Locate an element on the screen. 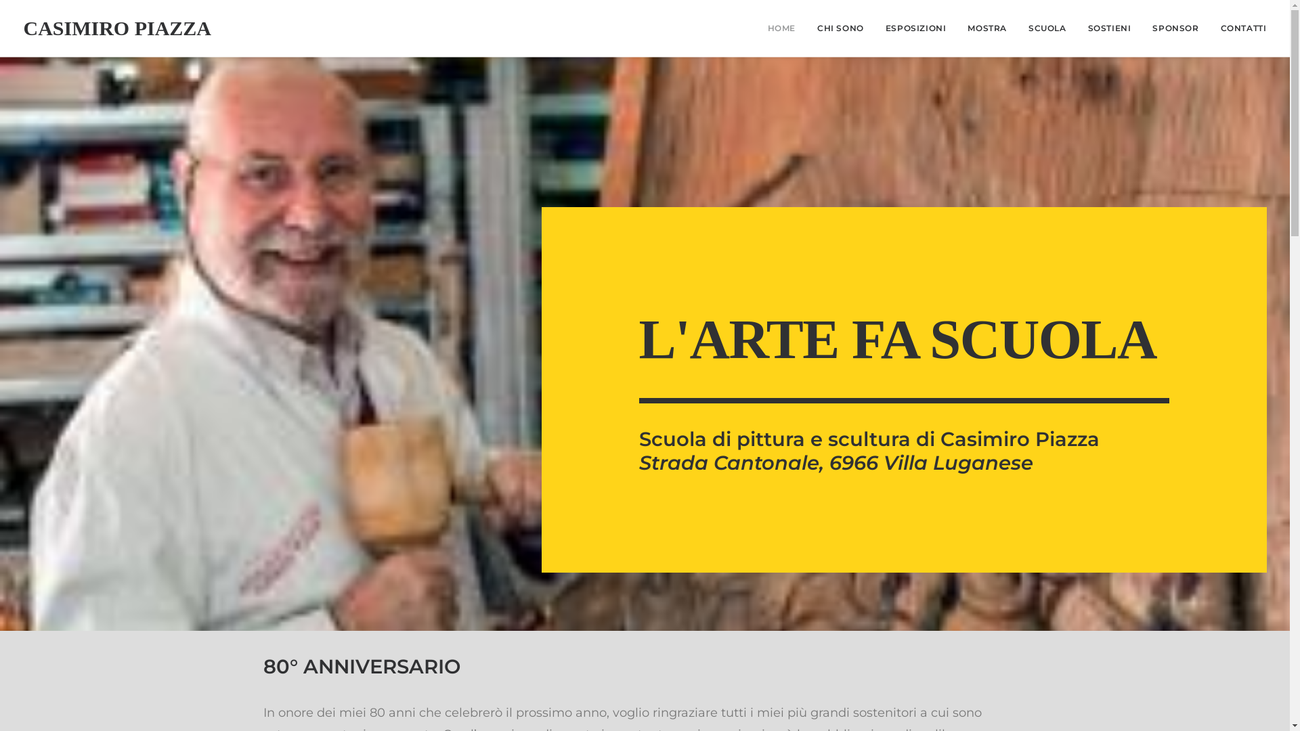 The image size is (1300, 731). 'ESPOSIZIONI' is located at coordinates (876, 28).